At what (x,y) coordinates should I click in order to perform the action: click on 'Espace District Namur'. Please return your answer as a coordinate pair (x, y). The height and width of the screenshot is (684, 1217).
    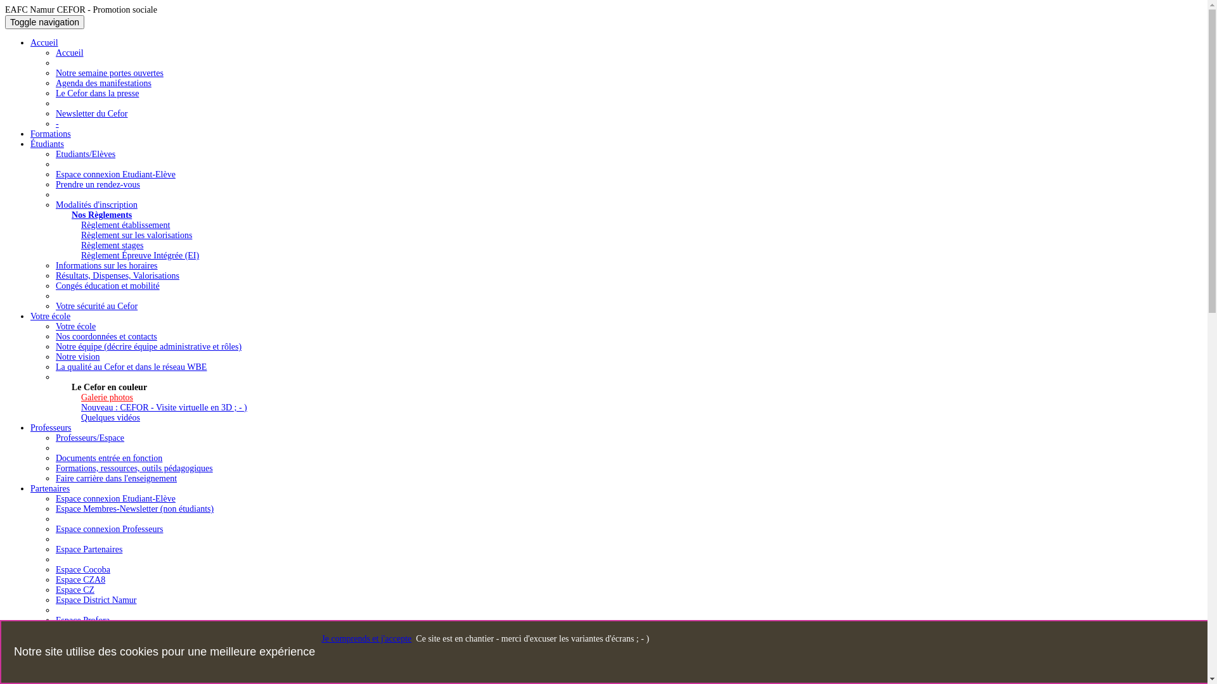
    Looking at the image, I should click on (96, 599).